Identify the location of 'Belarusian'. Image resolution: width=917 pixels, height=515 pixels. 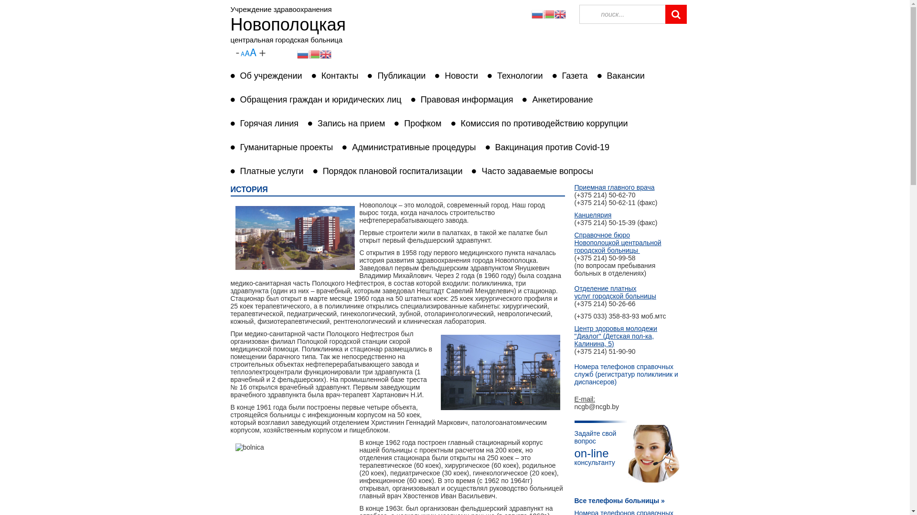
(314, 53).